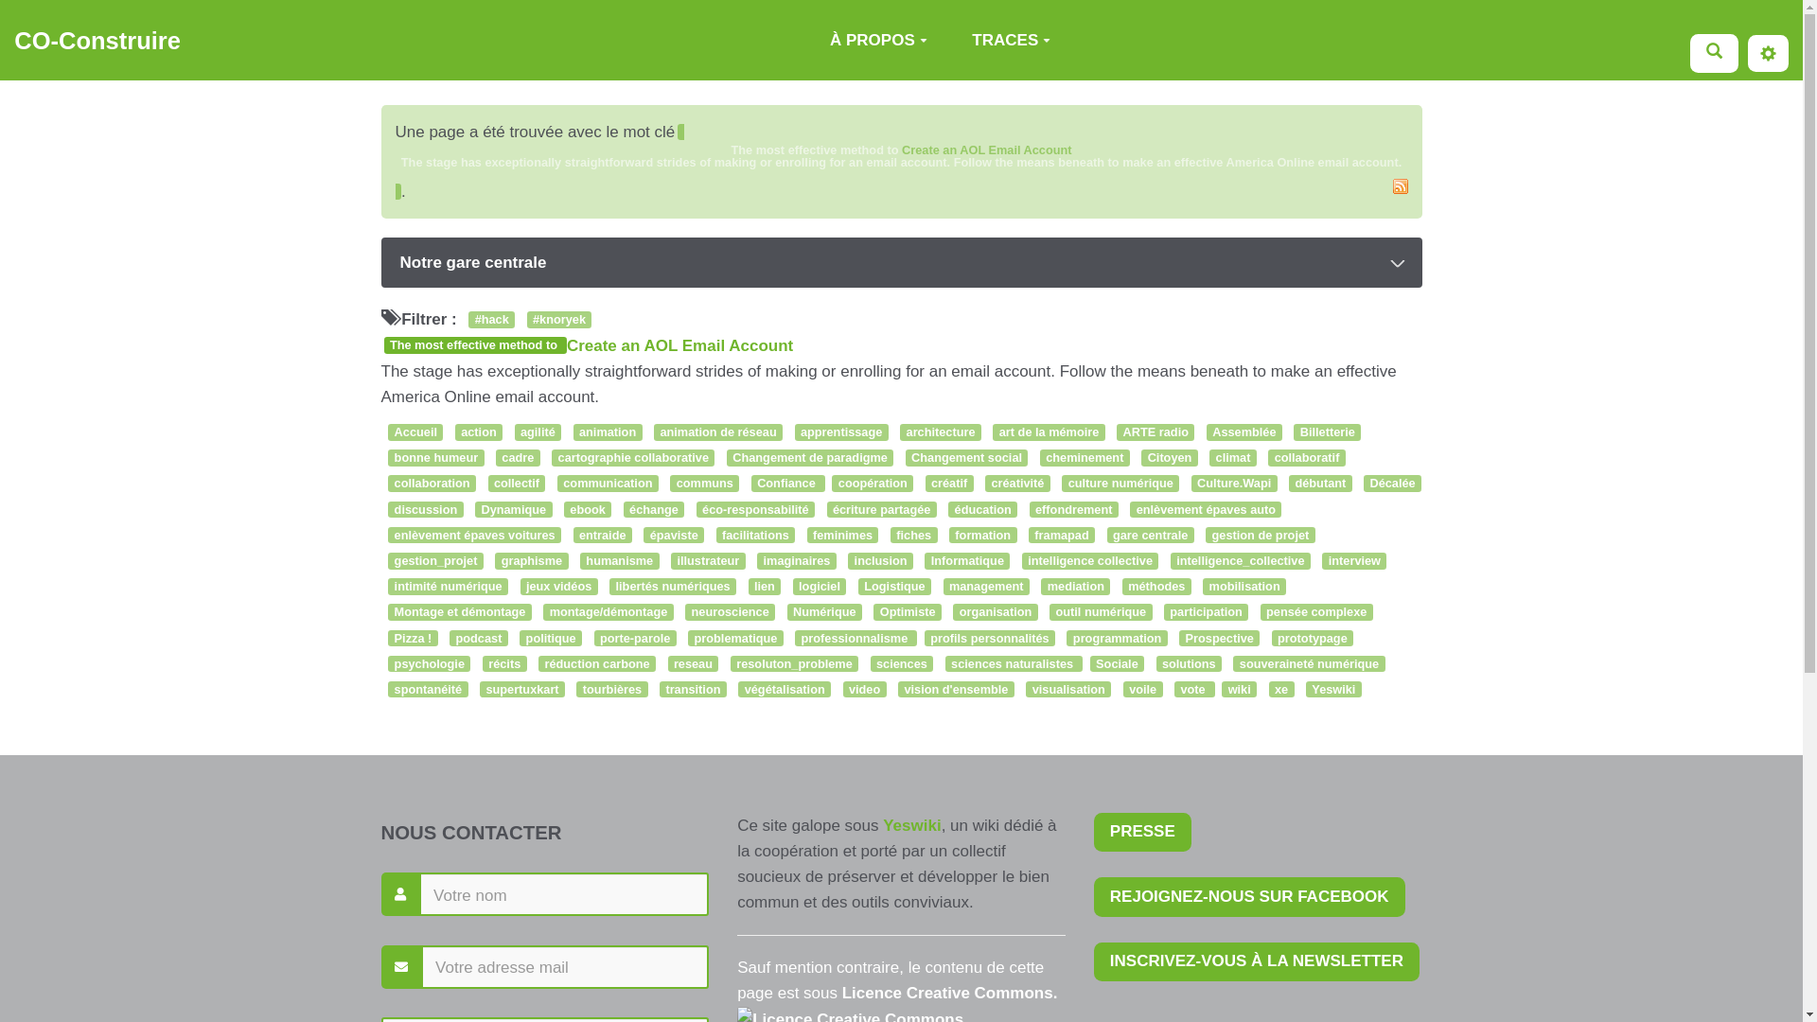 The height and width of the screenshot is (1022, 1817). What do you see at coordinates (729, 612) in the screenshot?
I see `'neuroscience'` at bounding box center [729, 612].